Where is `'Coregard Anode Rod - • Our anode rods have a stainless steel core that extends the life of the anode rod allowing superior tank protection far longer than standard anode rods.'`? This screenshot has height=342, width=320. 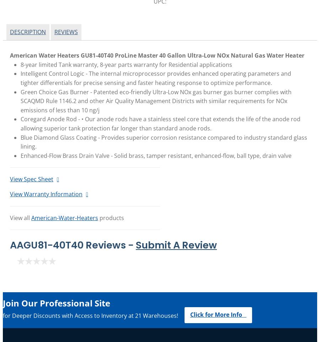
'Coregard Anode Rod - • Our anode rods have a stainless steel core that extends the life of the anode rod allowing superior tank protection far longer than standard anode rods.' is located at coordinates (160, 123).